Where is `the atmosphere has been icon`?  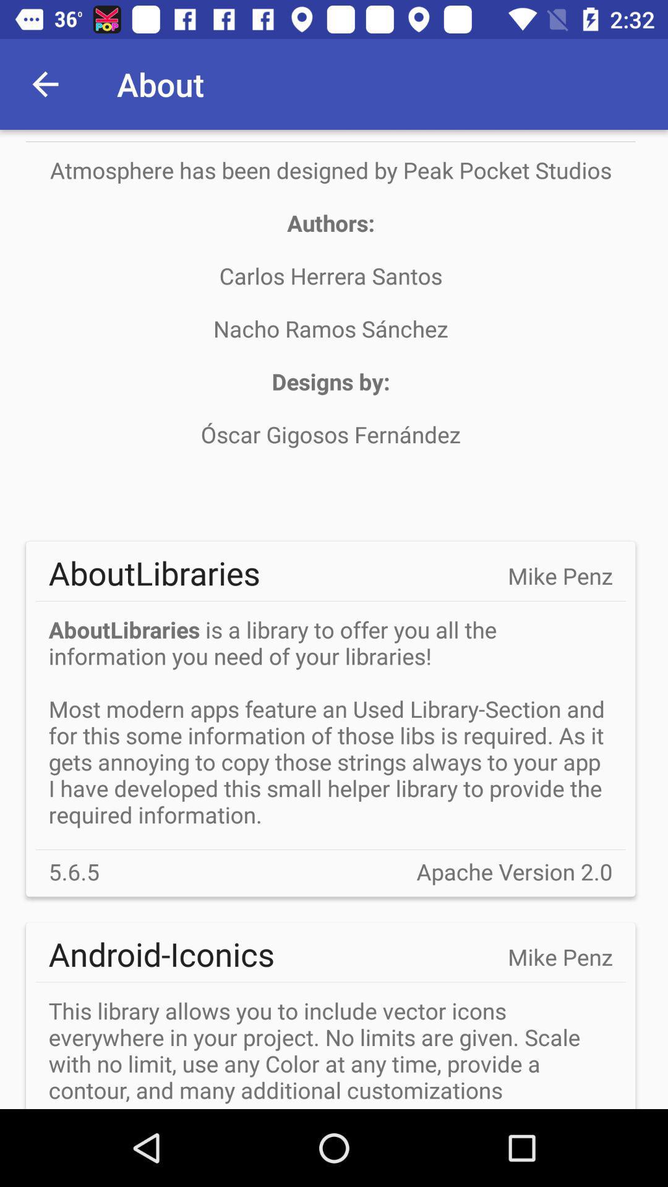
the atmosphere has been icon is located at coordinates (330, 328).